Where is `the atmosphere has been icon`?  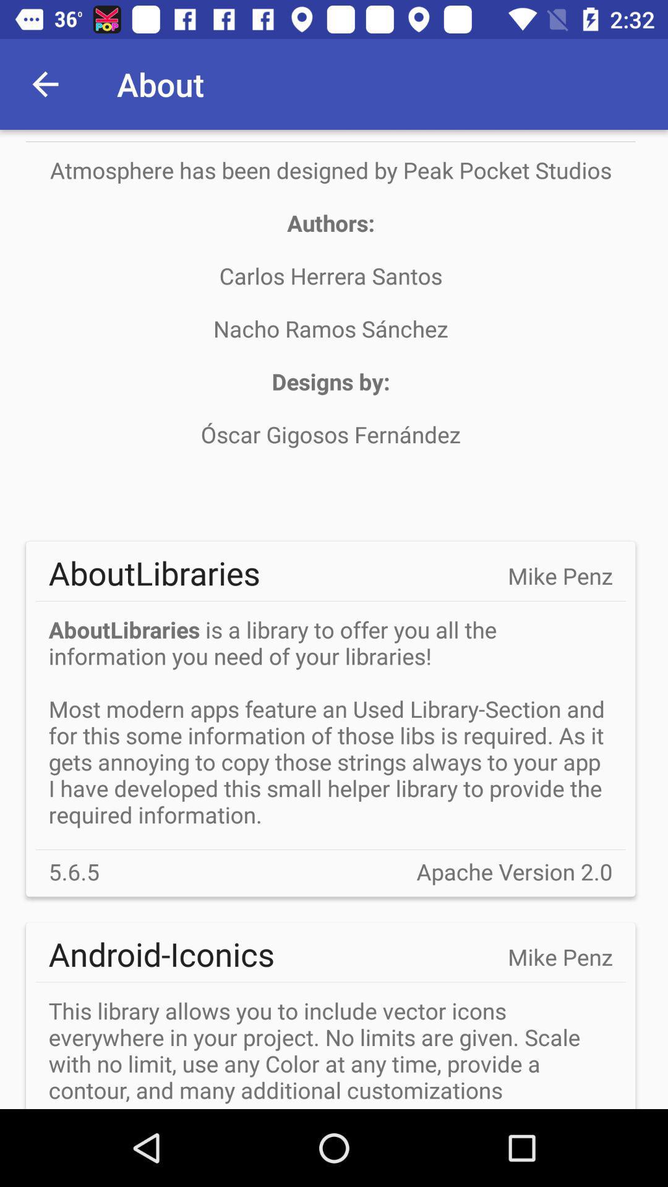
the atmosphere has been icon is located at coordinates (330, 328).